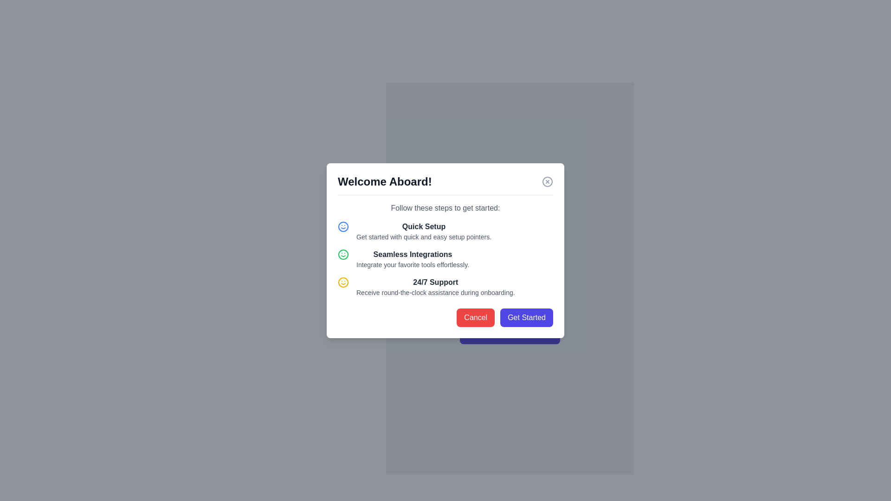  Describe the element at coordinates (342, 226) in the screenshot. I see `the circular icon with a blue border and a smiley face located in the 'Quick Setup' section of the modal window, positioned above the text 'Get started with quick and easy setup pointers.'` at that location.